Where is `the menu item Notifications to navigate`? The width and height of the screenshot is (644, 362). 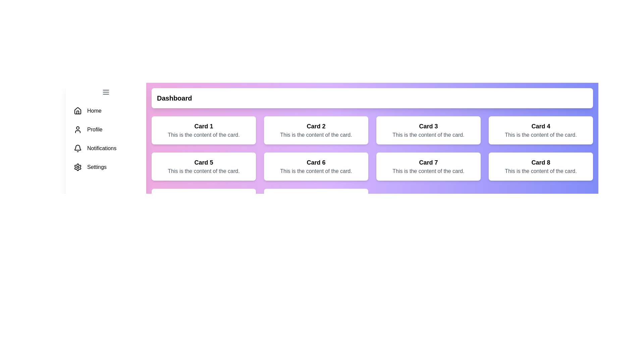 the menu item Notifications to navigate is located at coordinates (106, 148).